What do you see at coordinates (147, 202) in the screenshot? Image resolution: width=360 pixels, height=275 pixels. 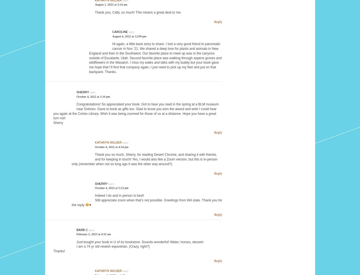 I see `'Still appreciate zoom when that’s not possible. Greetings from WA state. Thank you for the reply'` at bounding box center [147, 202].